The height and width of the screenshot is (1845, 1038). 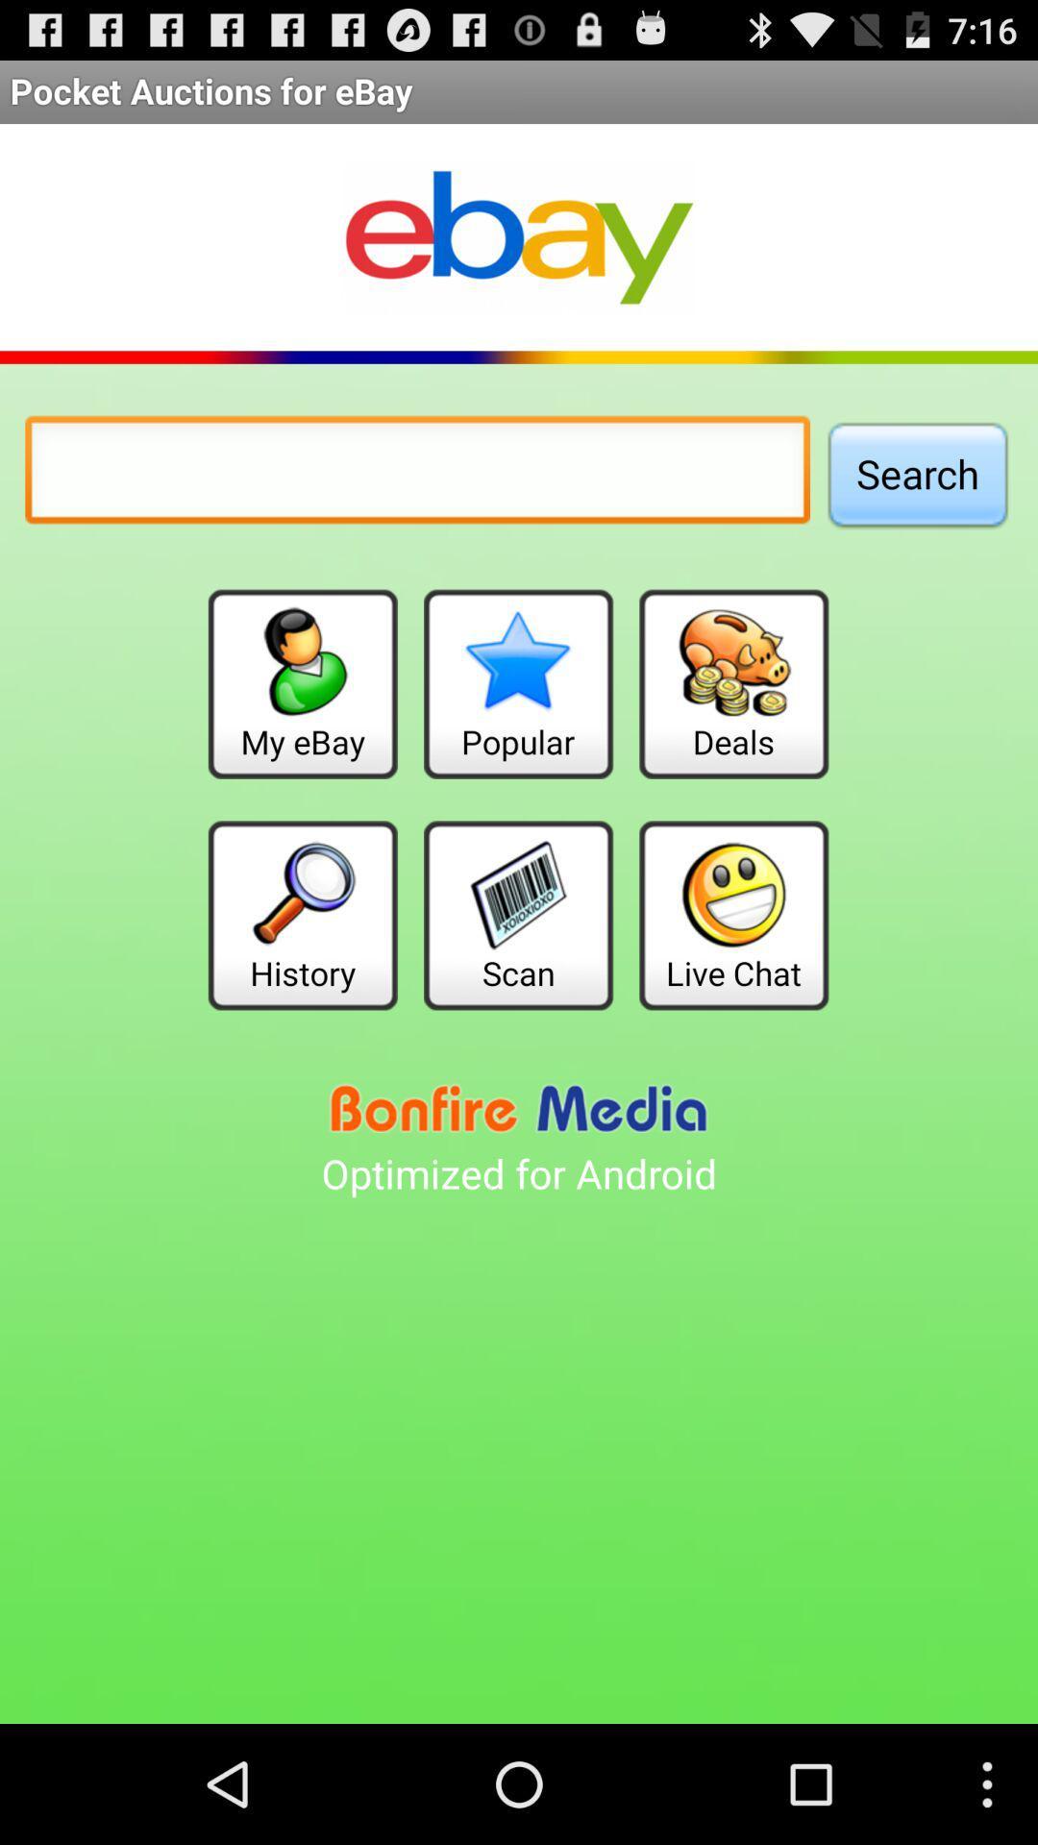 I want to click on my ebay item, so click(x=303, y=684).